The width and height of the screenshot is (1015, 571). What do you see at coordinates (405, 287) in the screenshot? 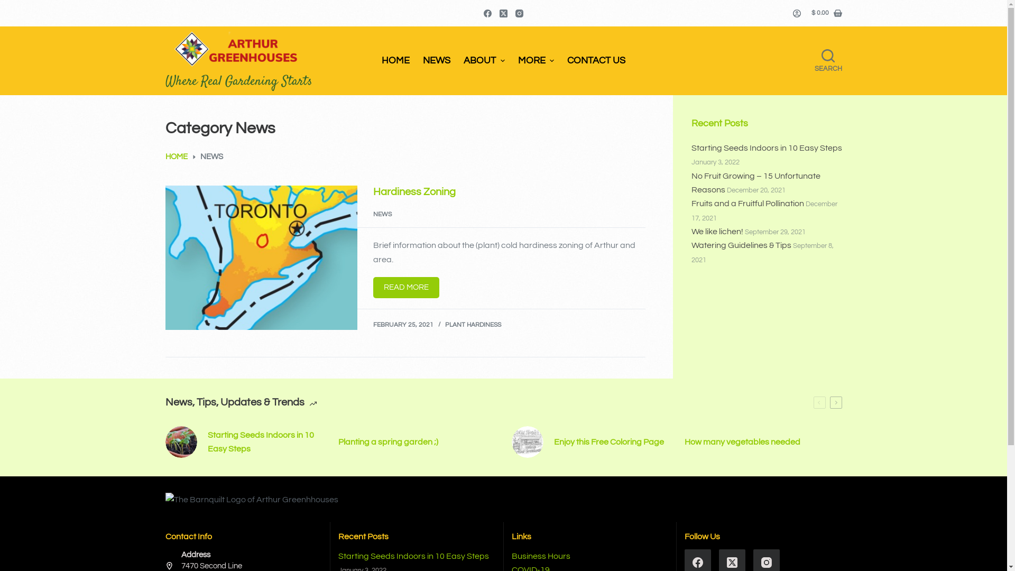
I see `'READ MORE'` at bounding box center [405, 287].